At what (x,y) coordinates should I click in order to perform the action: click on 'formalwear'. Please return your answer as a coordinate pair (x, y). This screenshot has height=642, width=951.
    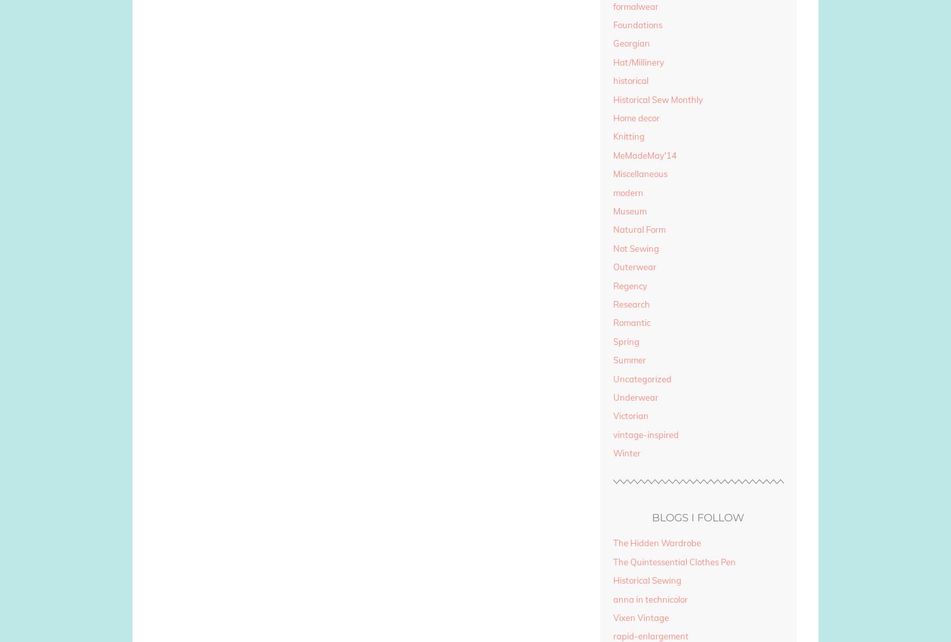
    Looking at the image, I should click on (635, 6).